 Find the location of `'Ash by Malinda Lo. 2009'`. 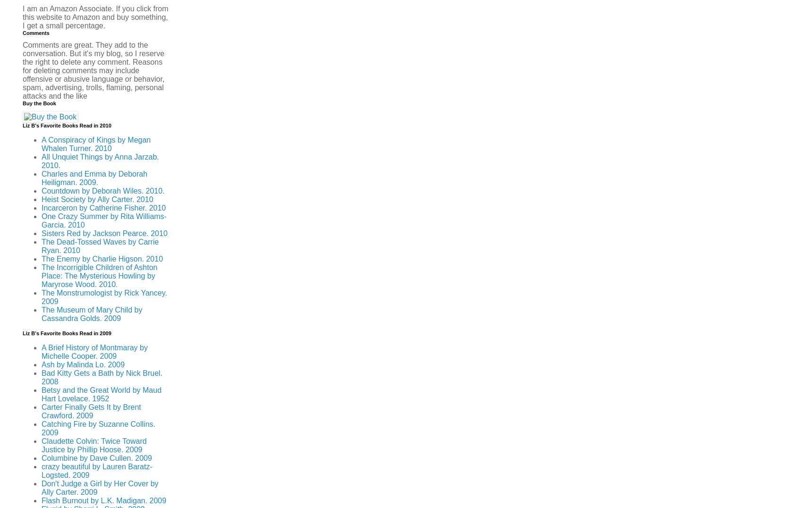

'Ash by Malinda Lo. 2009' is located at coordinates (83, 364).